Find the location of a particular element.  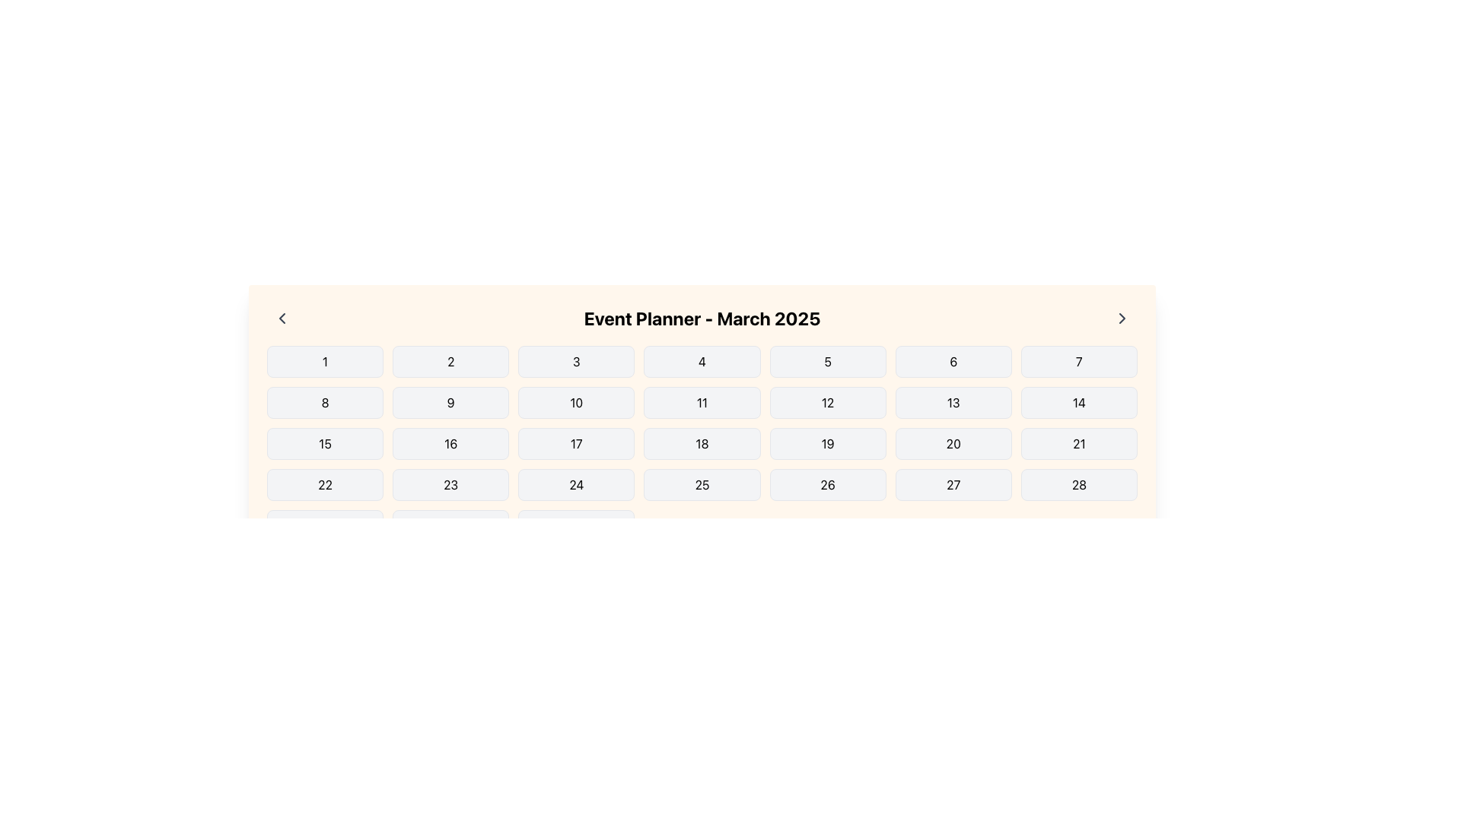

the Button-like interactive calendar day element displaying the number '4' is located at coordinates (701, 361).